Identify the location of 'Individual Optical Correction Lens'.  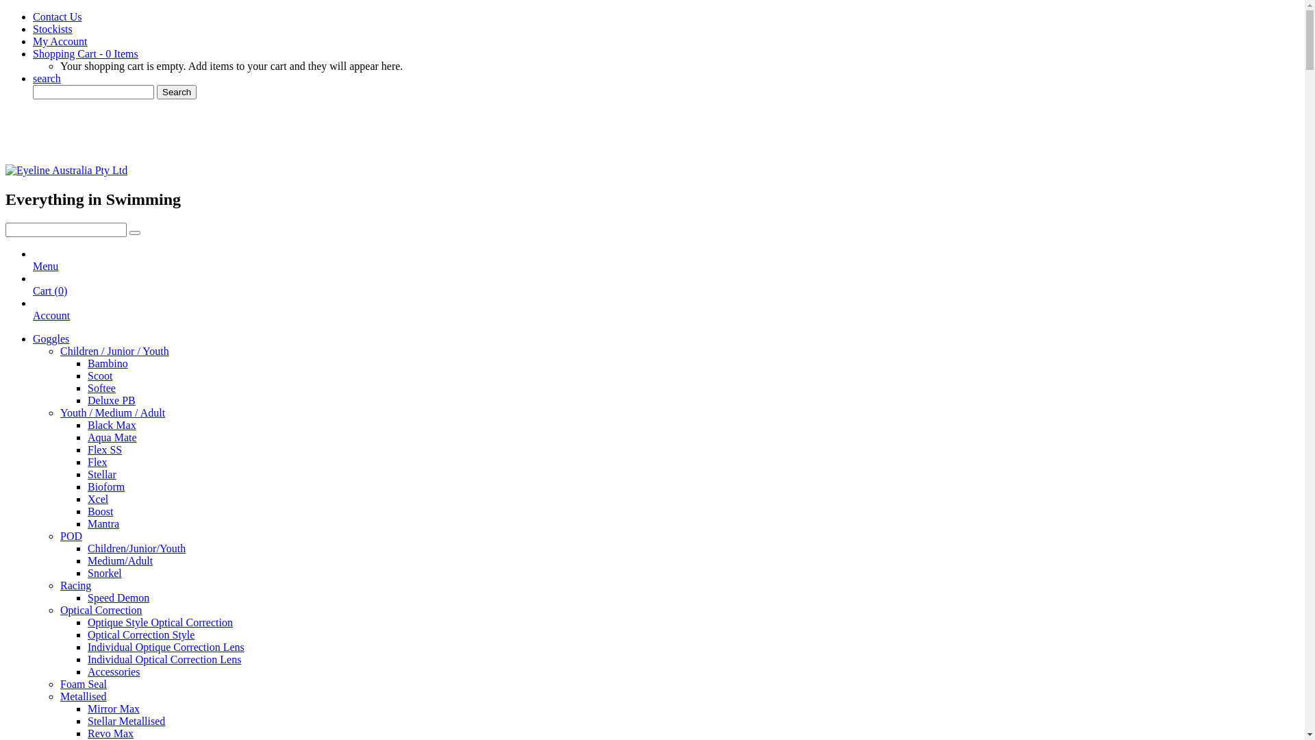
(164, 658).